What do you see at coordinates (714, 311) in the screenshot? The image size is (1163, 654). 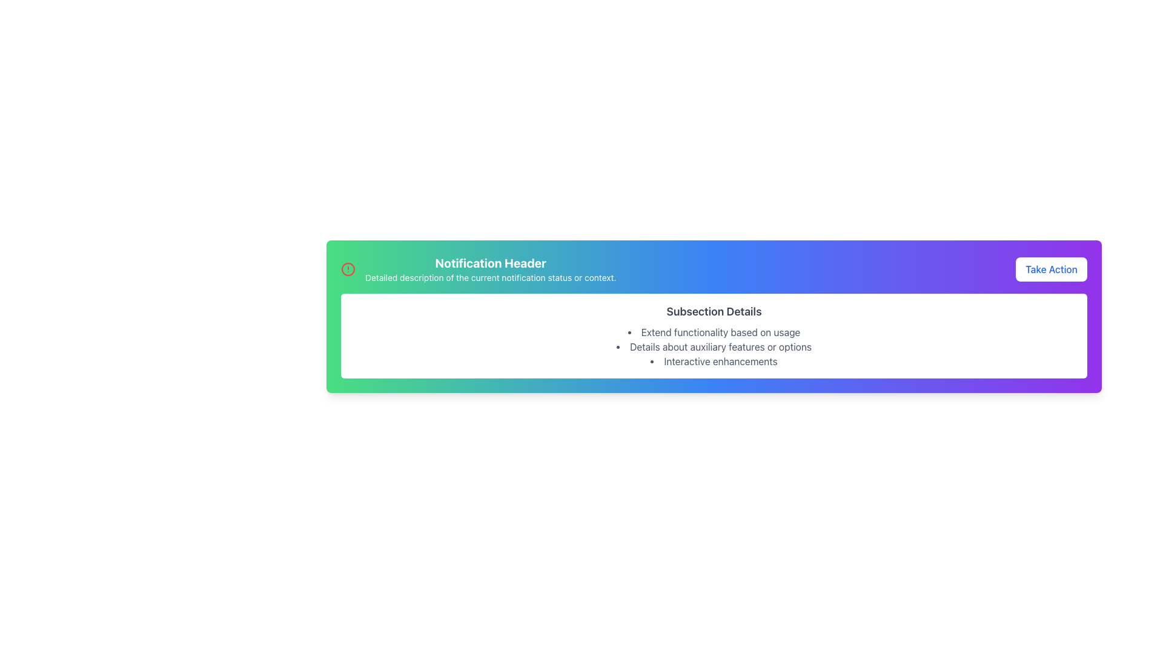 I see `text from the header Text Label that provides context for the subsection below it, which is centrally aligned at the top of a white card with rounded corners` at bounding box center [714, 311].